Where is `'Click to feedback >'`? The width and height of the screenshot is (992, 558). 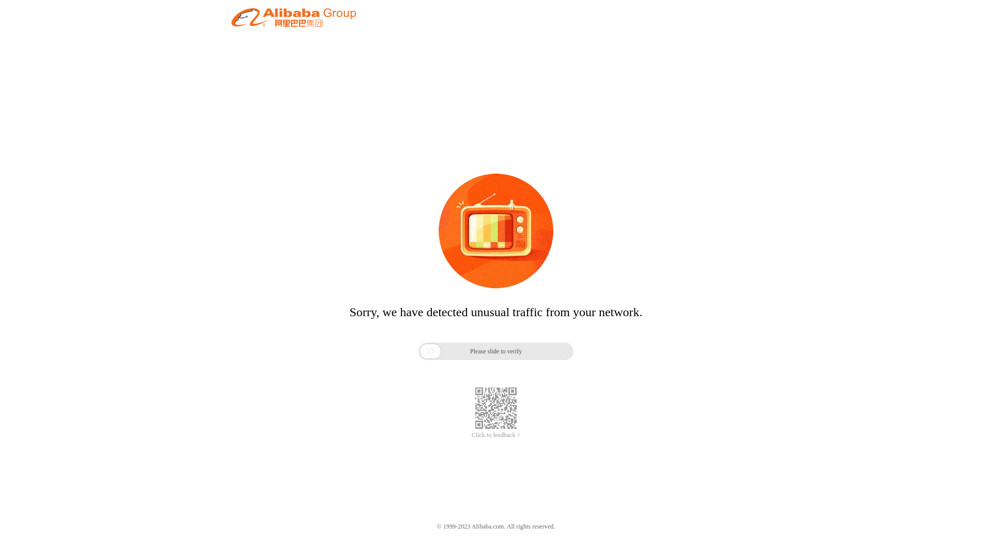
'Click to feedback >' is located at coordinates (496, 435).